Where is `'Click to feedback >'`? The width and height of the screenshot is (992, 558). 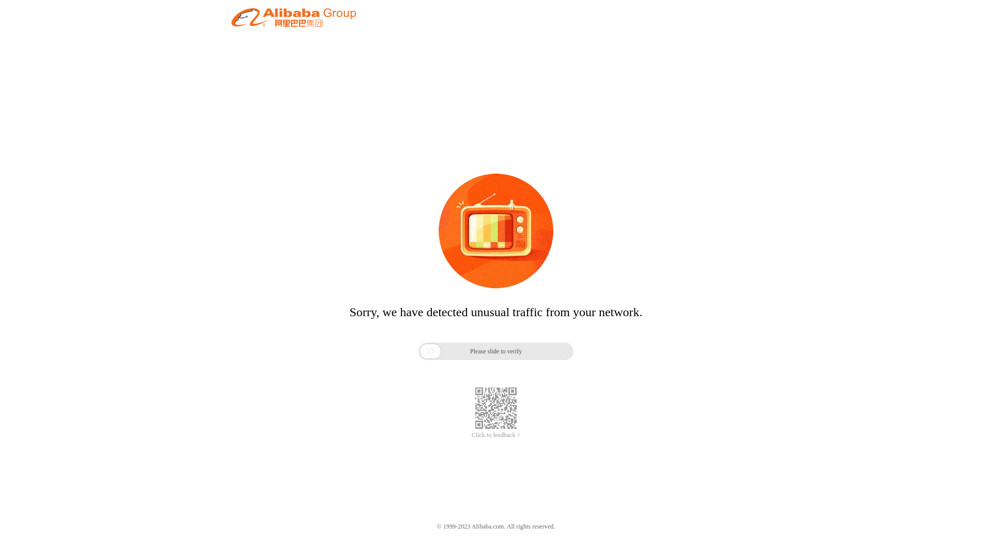
'Click to feedback >' is located at coordinates (496, 435).